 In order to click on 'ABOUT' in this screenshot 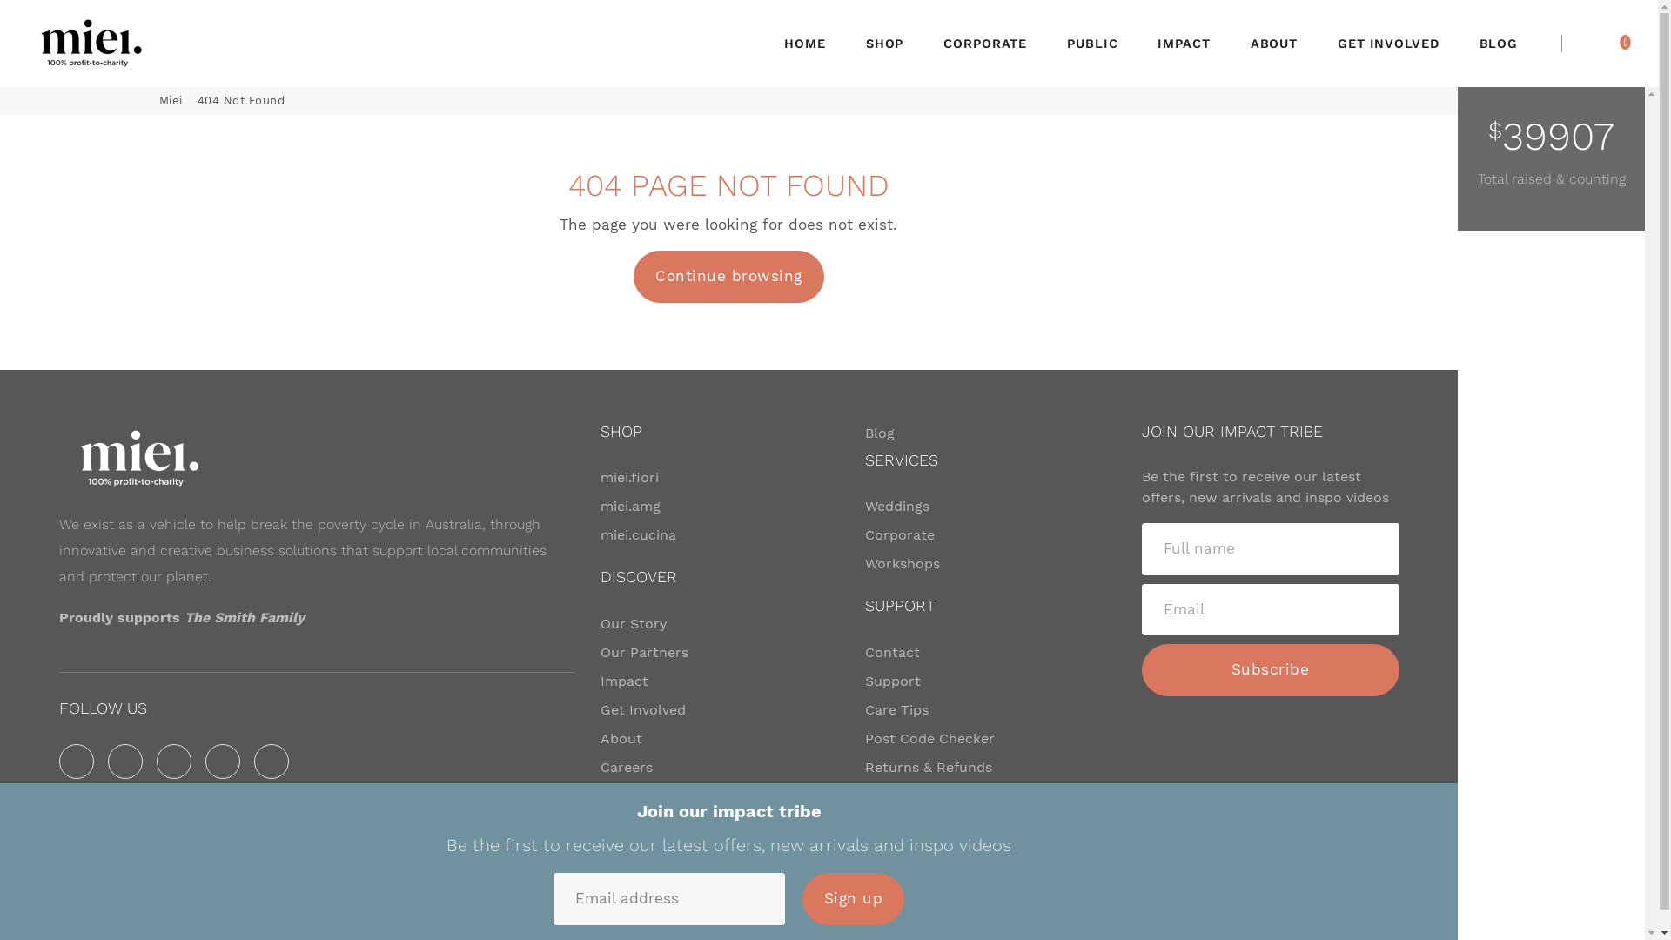, I will do `click(1274, 43)`.